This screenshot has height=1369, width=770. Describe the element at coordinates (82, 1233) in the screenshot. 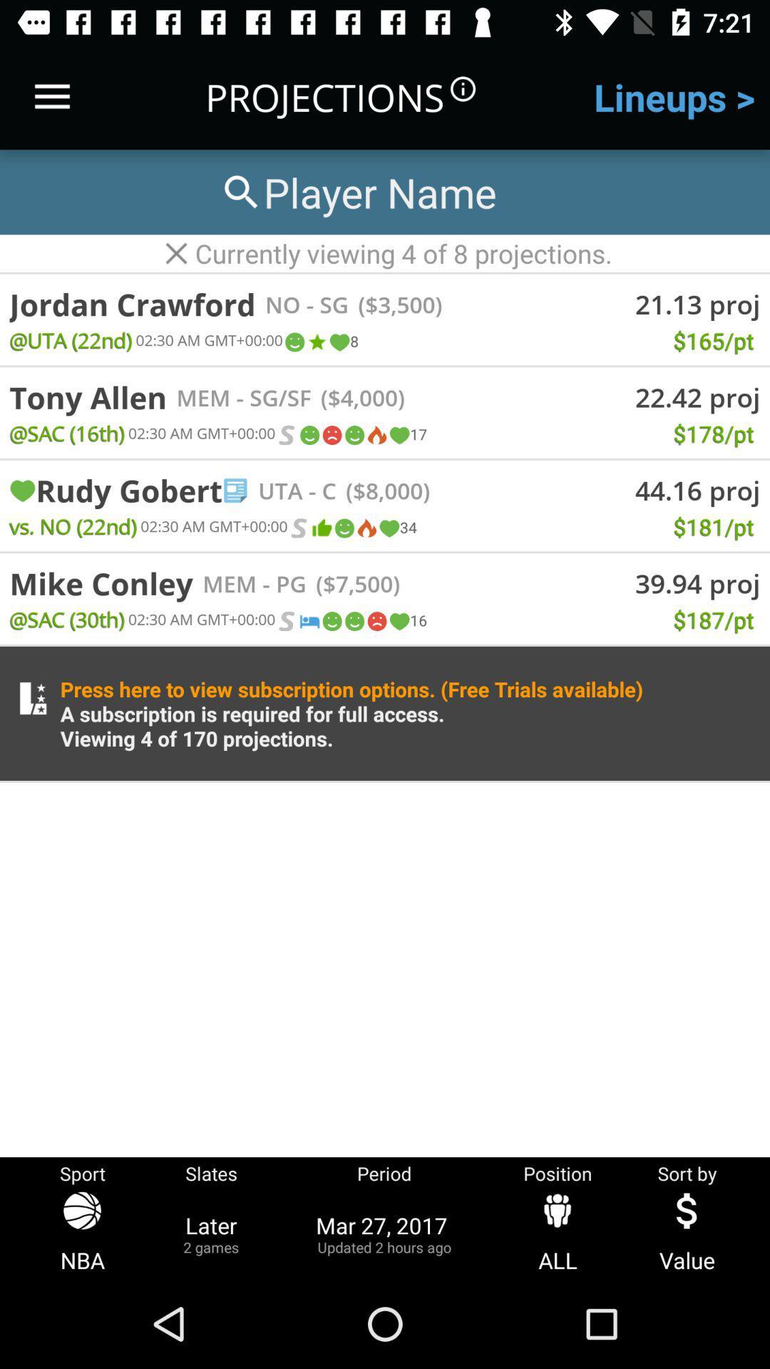

I see `the option which says nba` at that location.